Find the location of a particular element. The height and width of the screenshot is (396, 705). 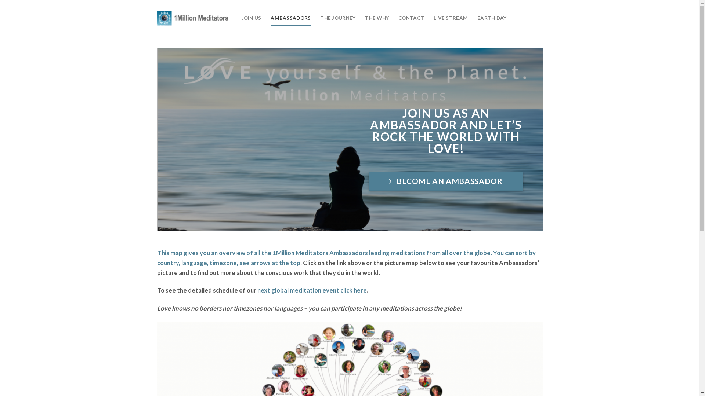

'THE WHY' is located at coordinates (377, 18).